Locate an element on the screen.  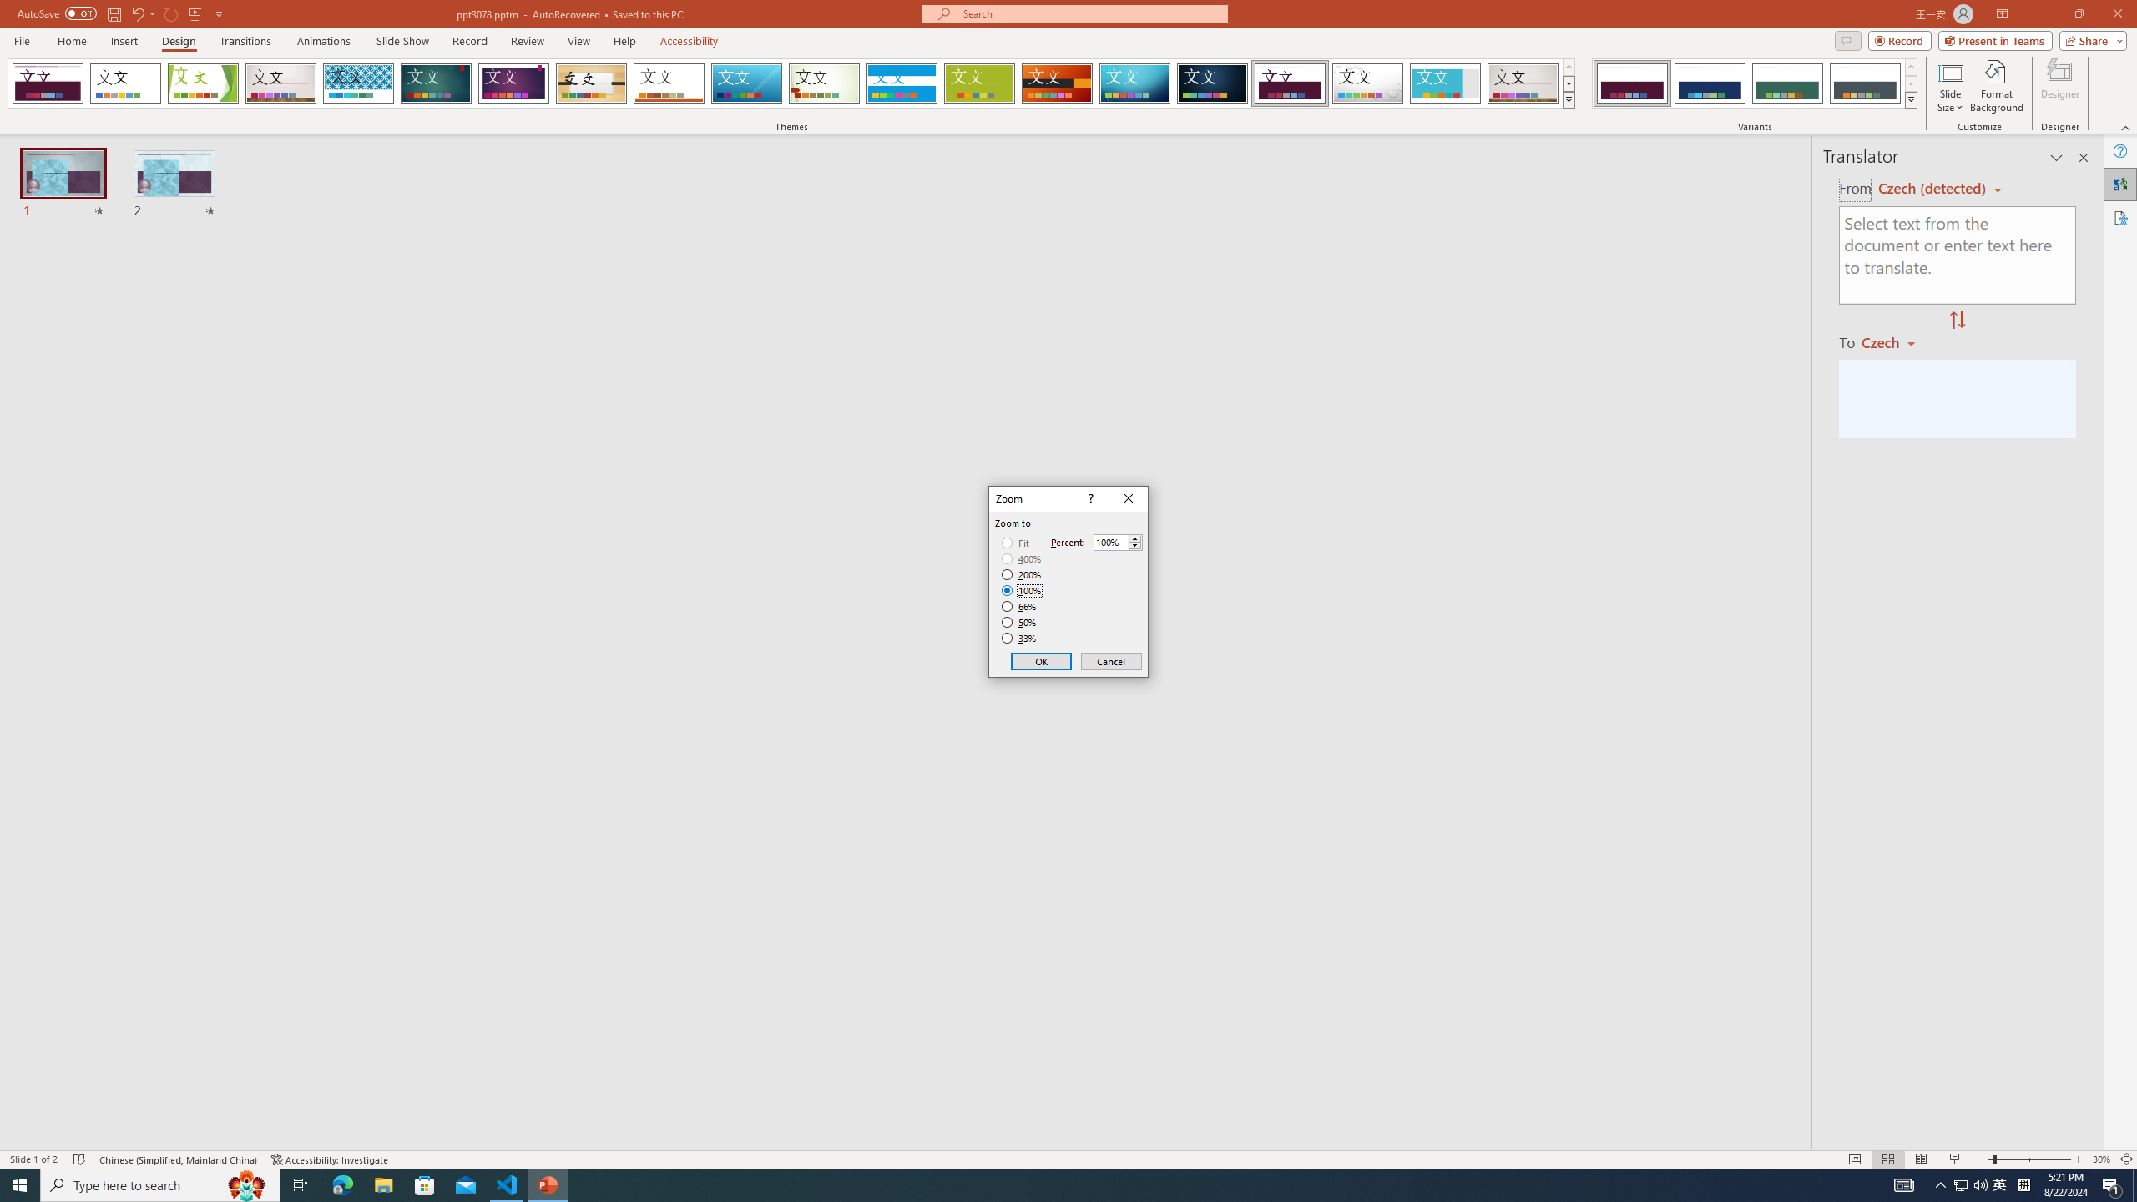
'66%' is located at coordinates (1020, 605).